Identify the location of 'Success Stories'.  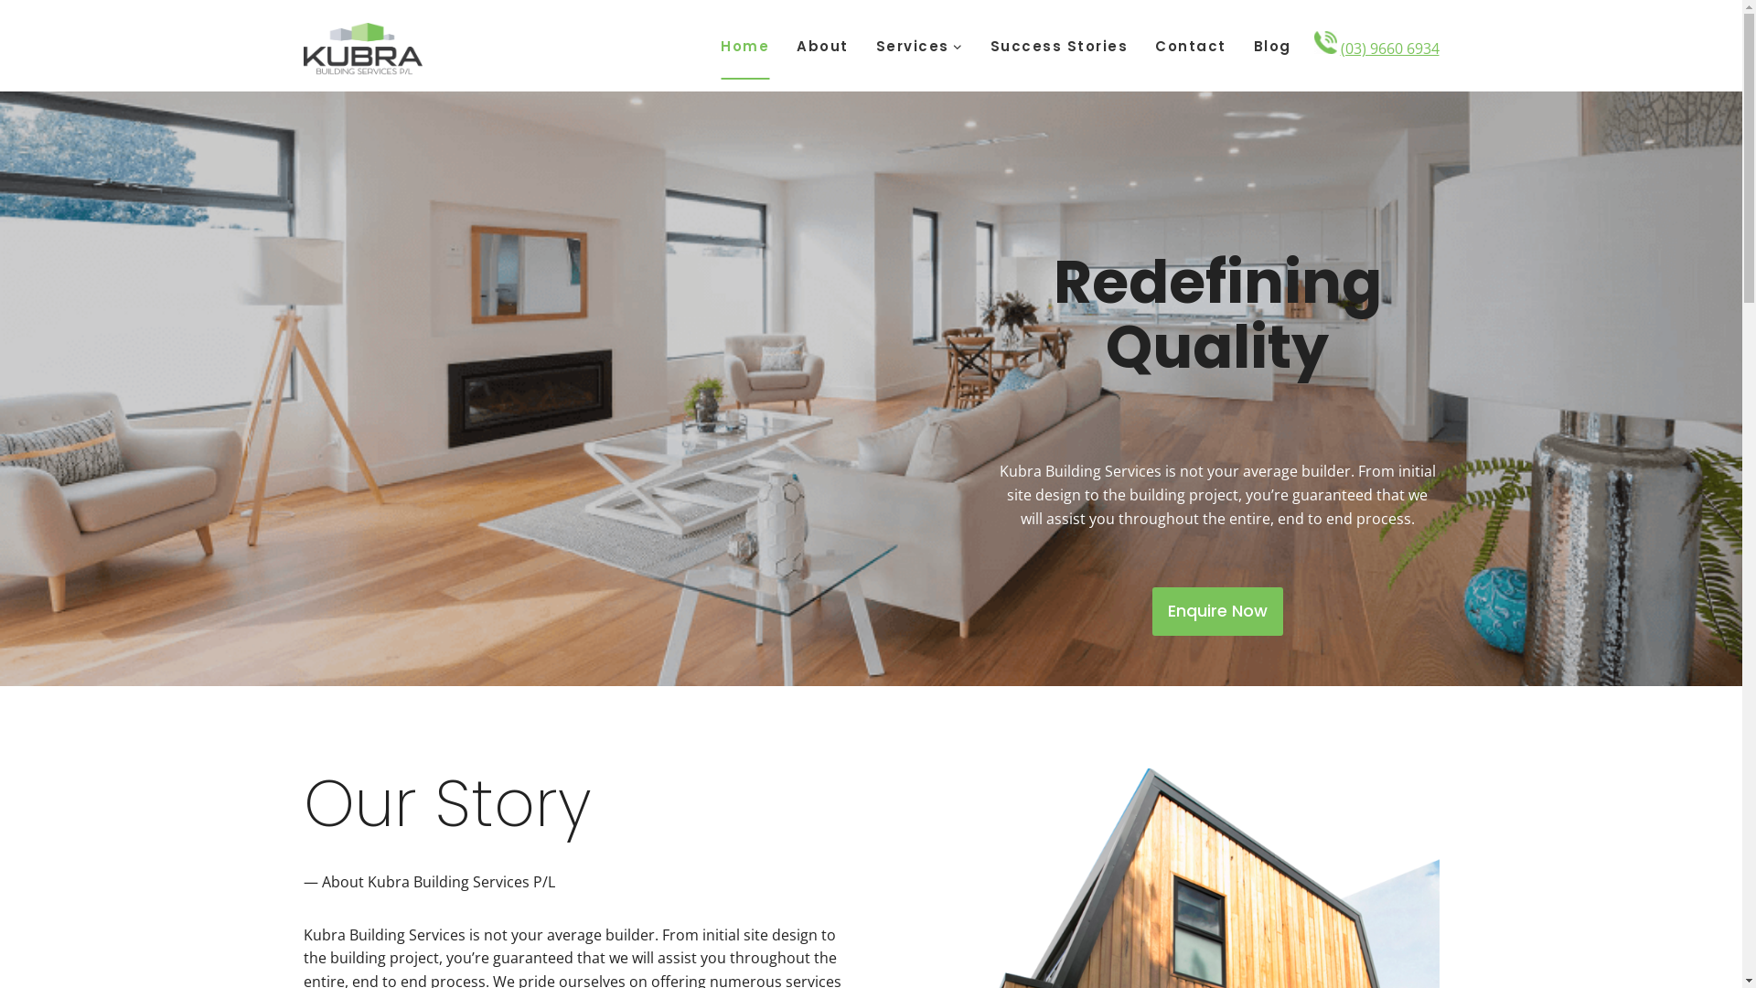
(1059, 45).